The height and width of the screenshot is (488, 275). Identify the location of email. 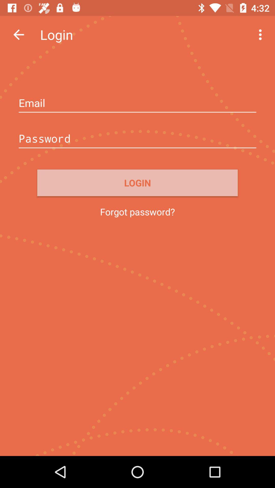
(137, 103).